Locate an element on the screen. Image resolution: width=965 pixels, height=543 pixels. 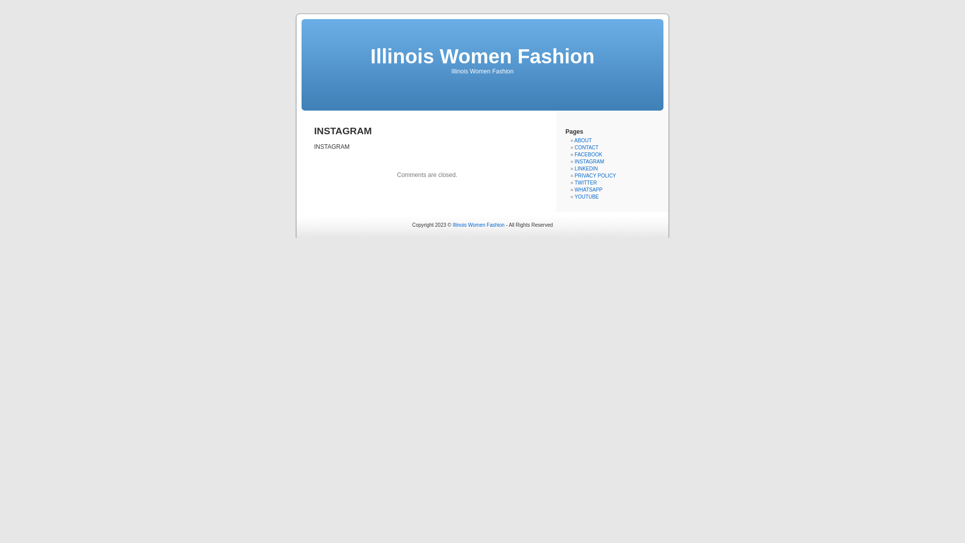
'Illinois Women Fashion' is located at coordinates (478, 224).